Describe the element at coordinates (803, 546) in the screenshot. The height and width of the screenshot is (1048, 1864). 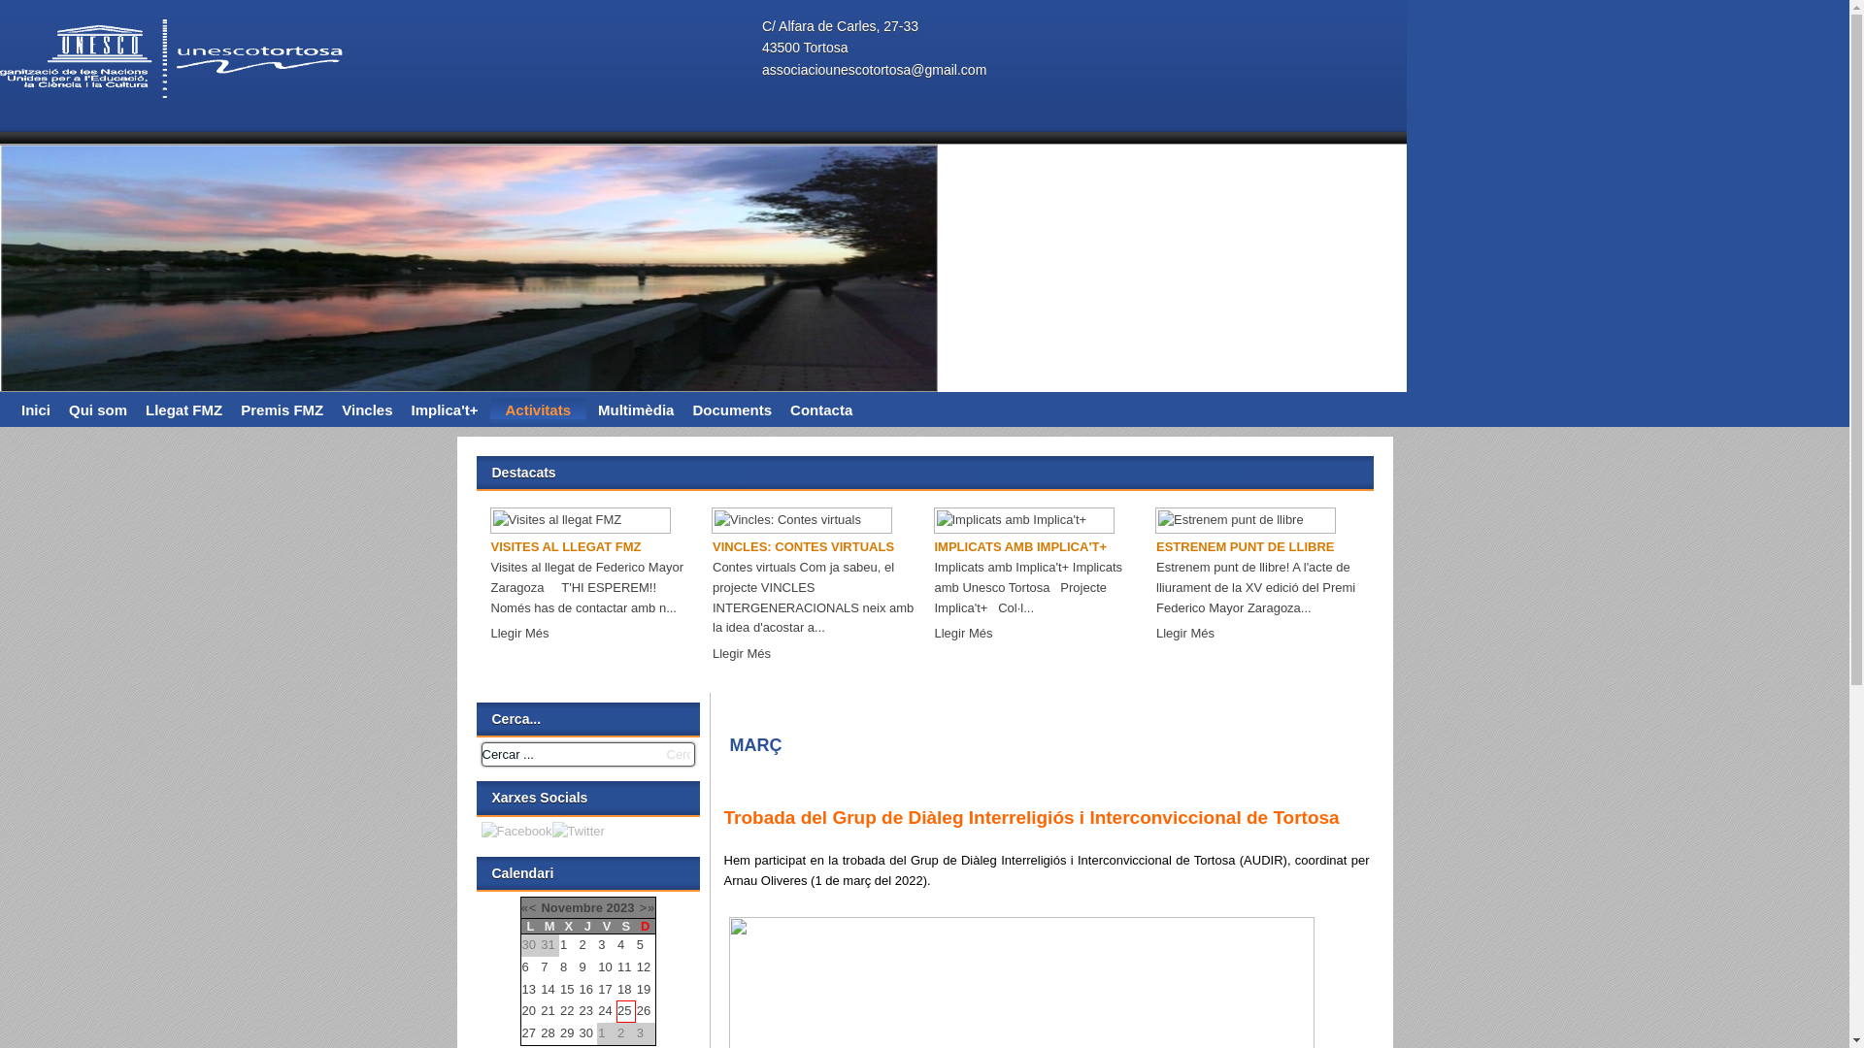
I see `'VINCLES: CONTES VIRTUALS'` at that location.